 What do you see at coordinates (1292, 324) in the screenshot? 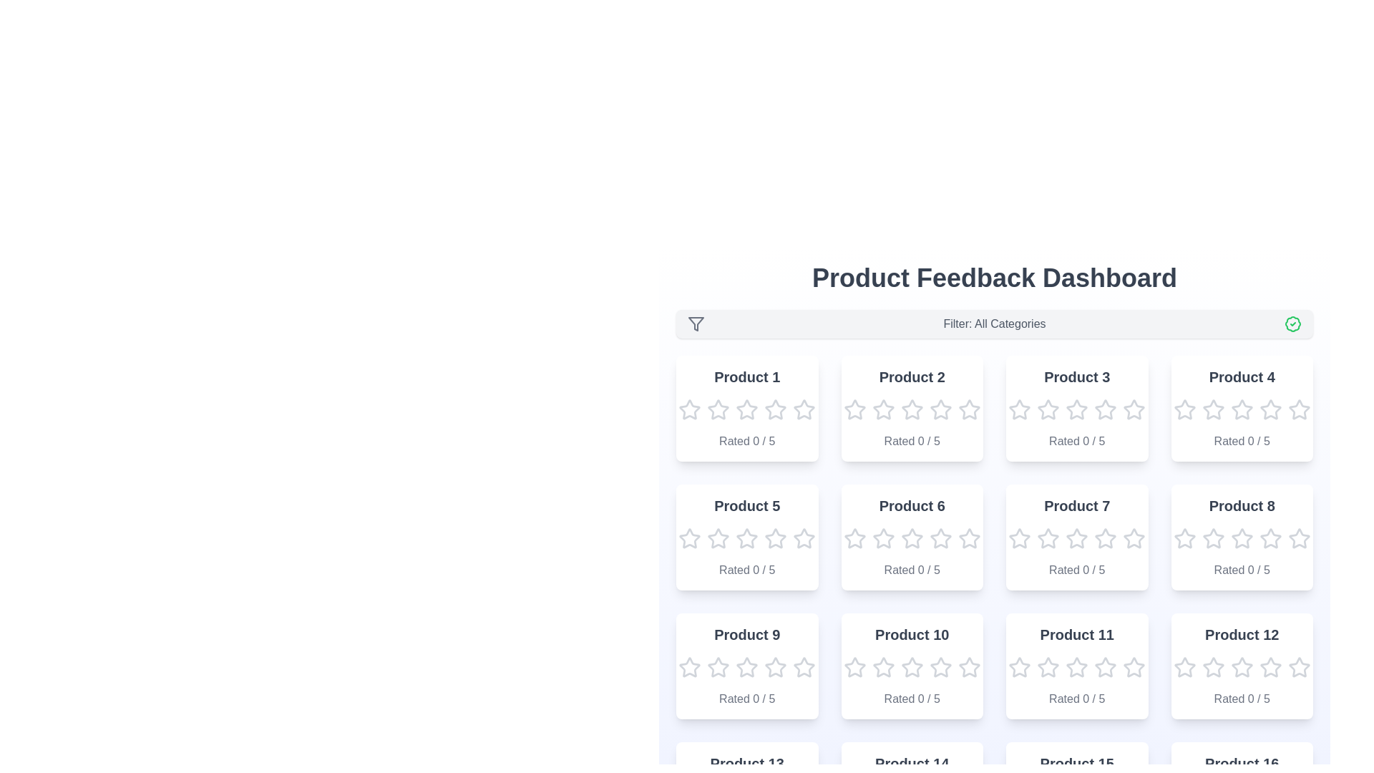
I see `badge icon to confirm filter application` at bounding box center [1292, 324].